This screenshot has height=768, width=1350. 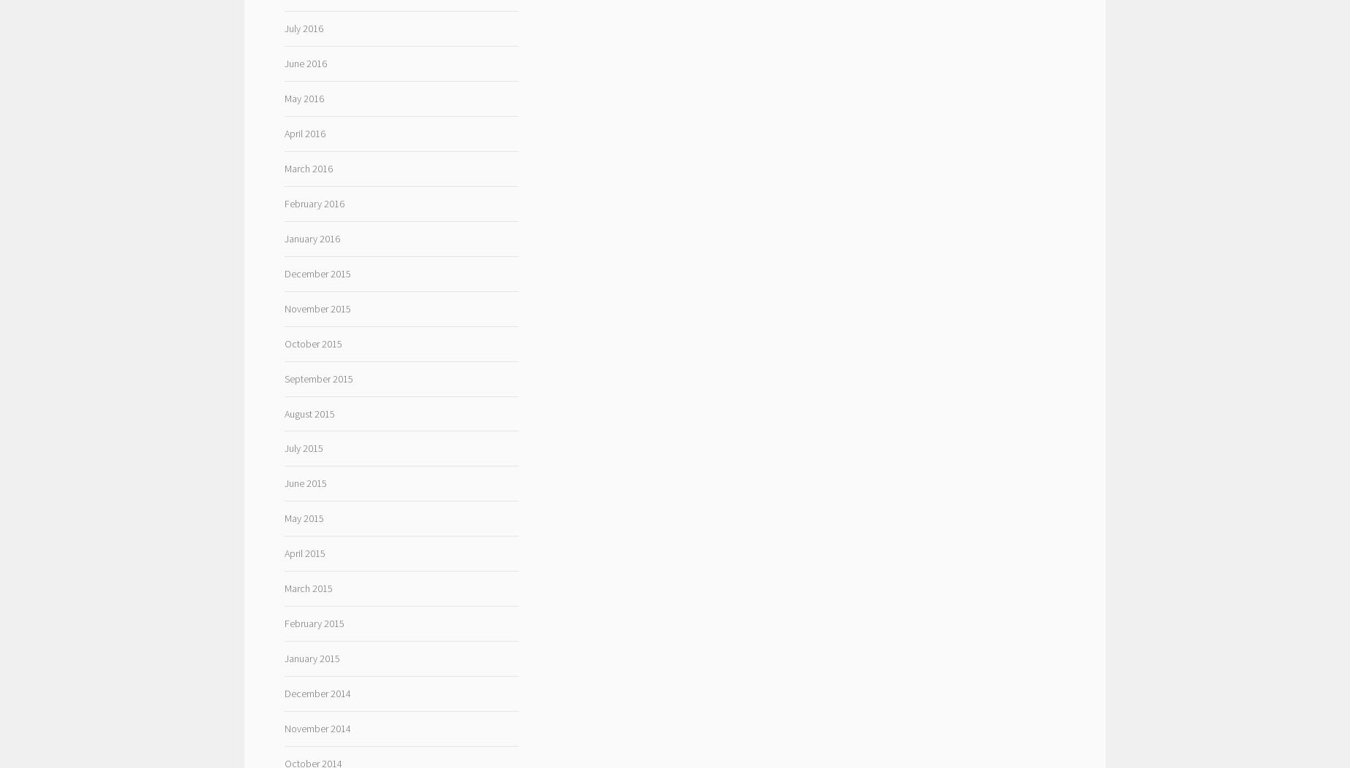 I want to click on 'July 2015', so click(x=302, y=448).